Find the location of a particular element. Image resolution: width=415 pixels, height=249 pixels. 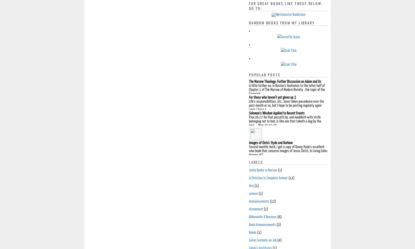

'Bibleworks 8 Reviews' is located at coordinates (263, 216).